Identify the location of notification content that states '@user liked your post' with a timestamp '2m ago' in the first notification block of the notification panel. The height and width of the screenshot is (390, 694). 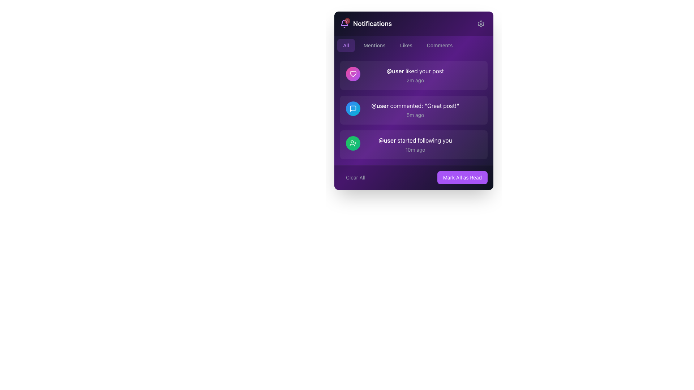
(414, 75).